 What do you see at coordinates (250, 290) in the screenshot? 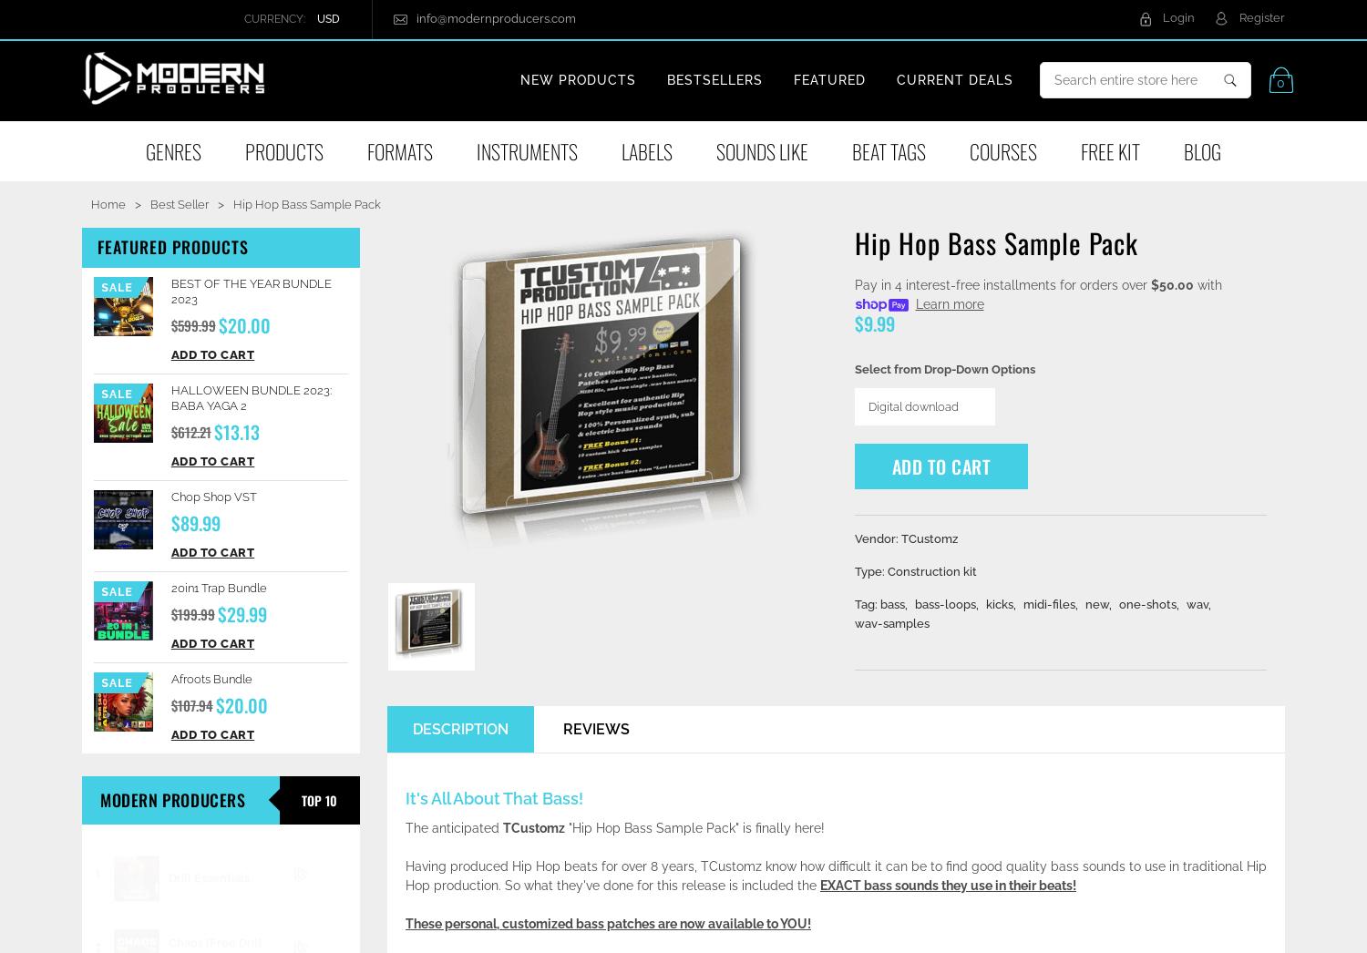
I see `'BEST OF THE YEAR BUNDLE 2023'` at bounding box center [250, 290].